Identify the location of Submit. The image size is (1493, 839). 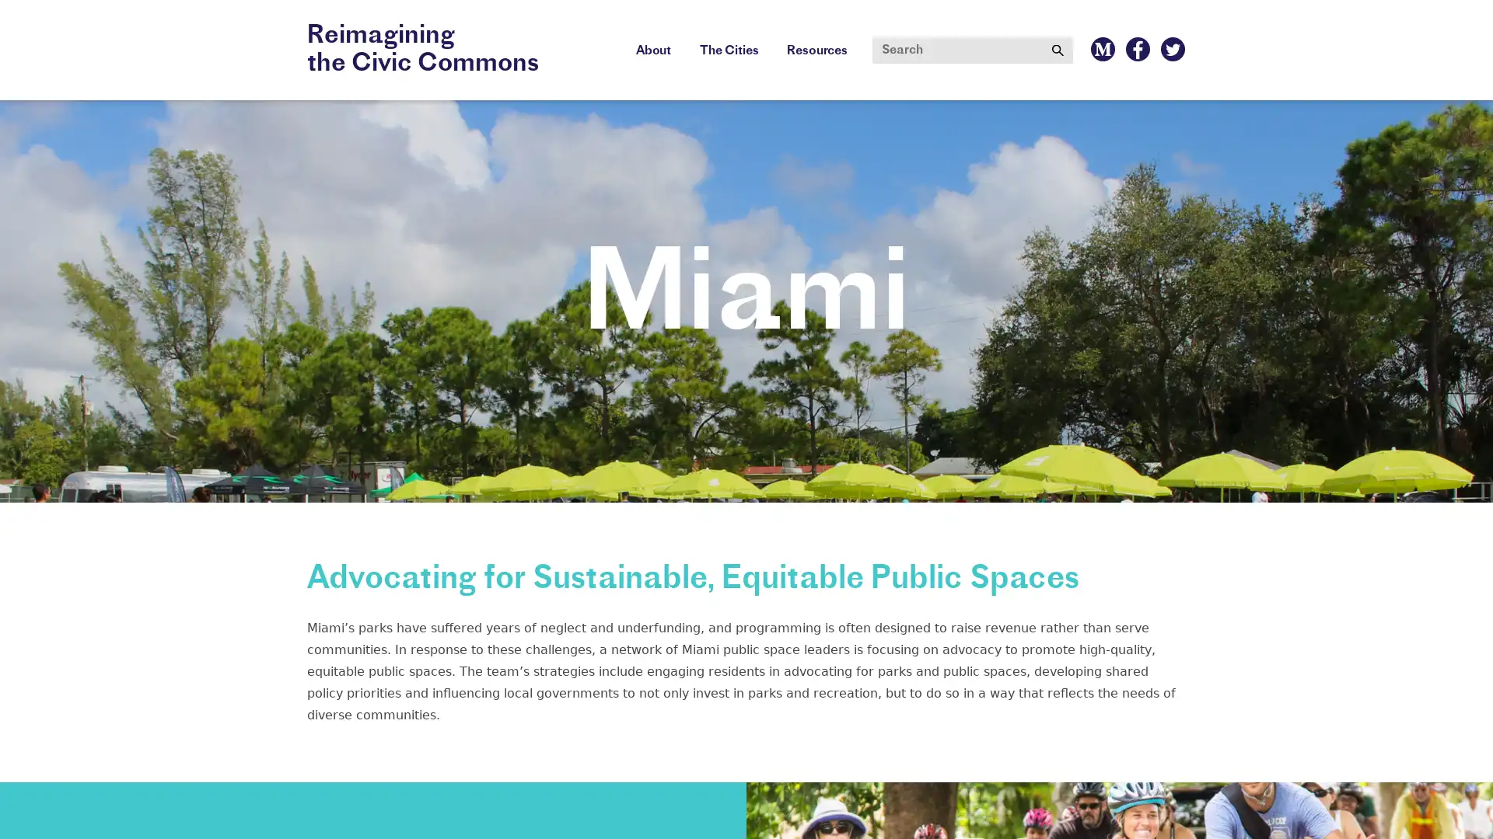
(1058, 49).